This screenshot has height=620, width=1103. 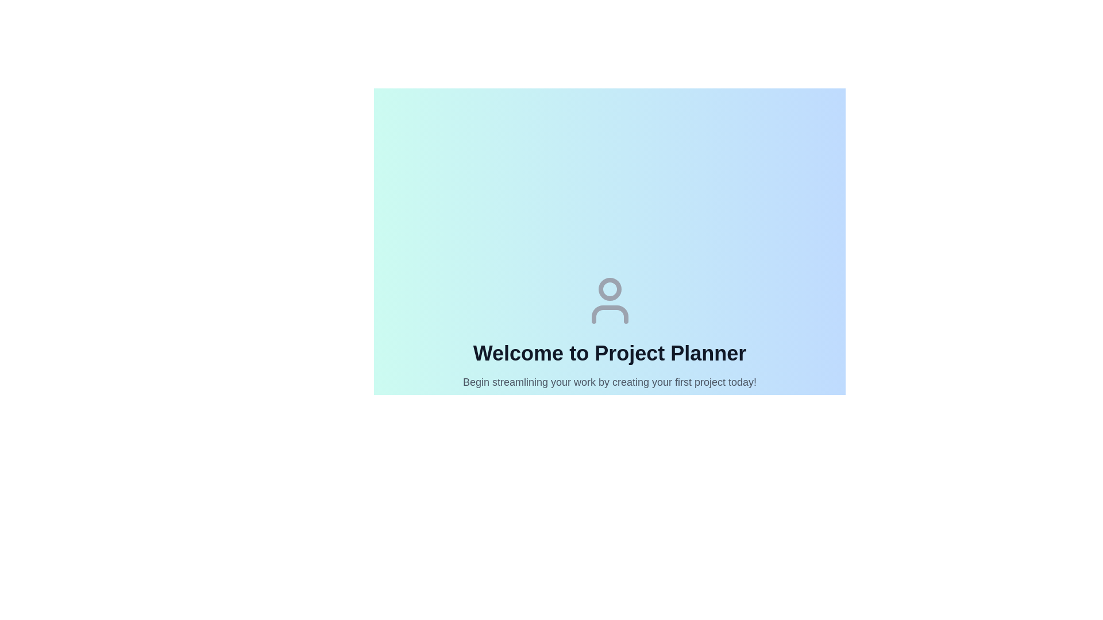 I want to click on motivational text label located beneath the main title text, which encourages users to create their first project, so click(x=609, y=382).